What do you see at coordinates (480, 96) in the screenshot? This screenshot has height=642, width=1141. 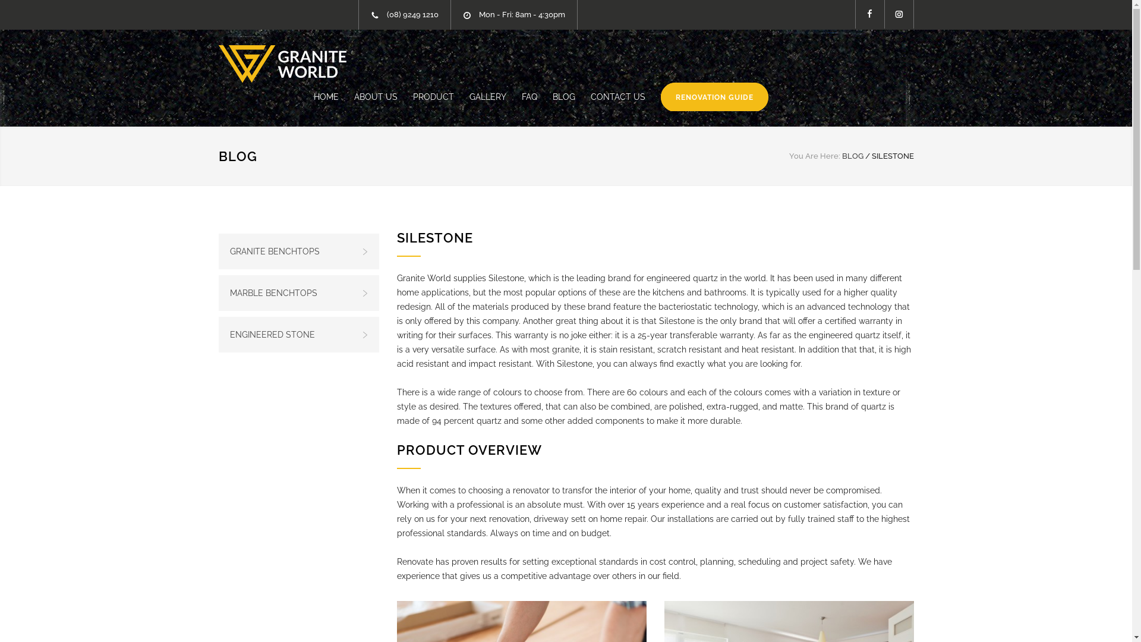 I see `'GALLERY'` at bounding box center [480, 96].